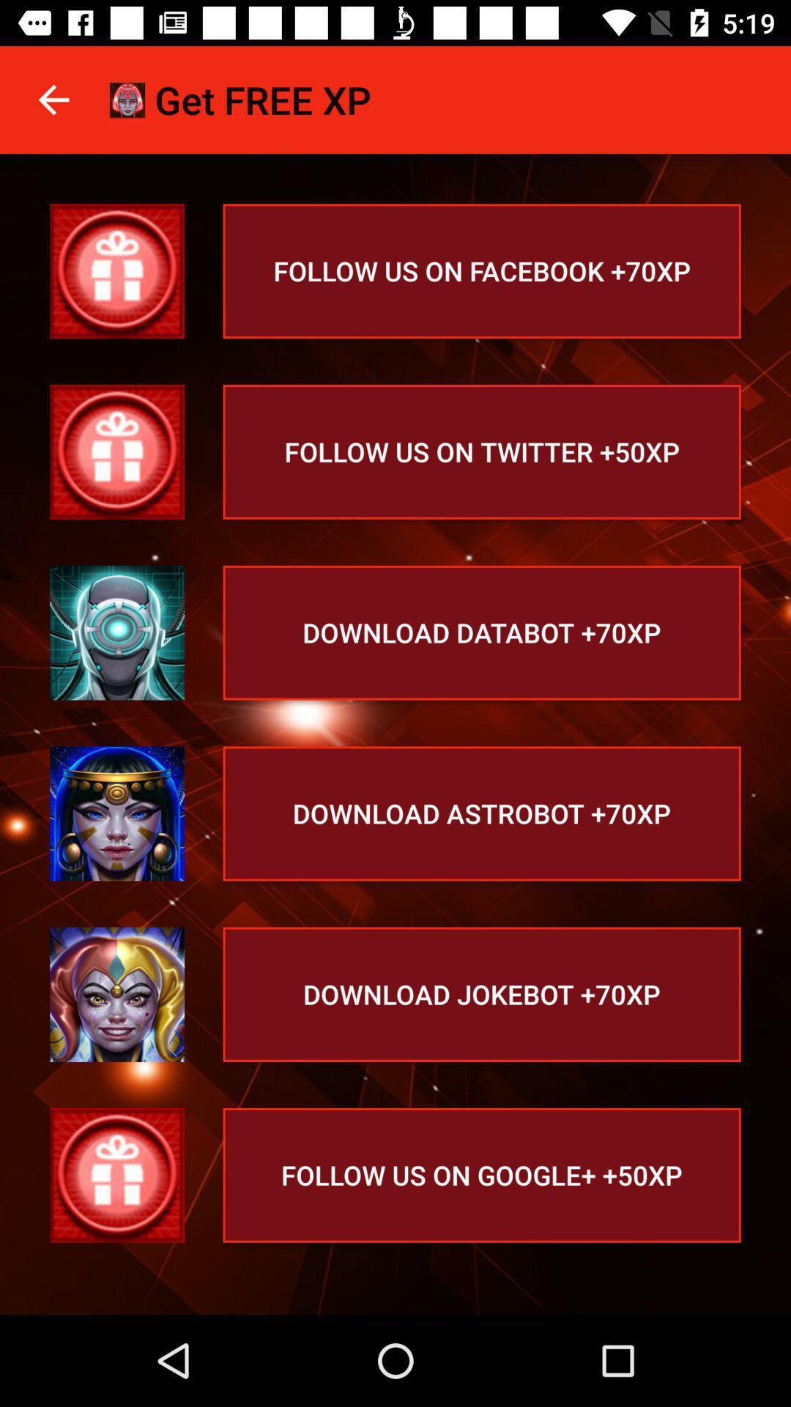 This screenshot has height=1407, width=791. I want to click on this is your avatar which lets people see who you want them to see, so click(116, 994).